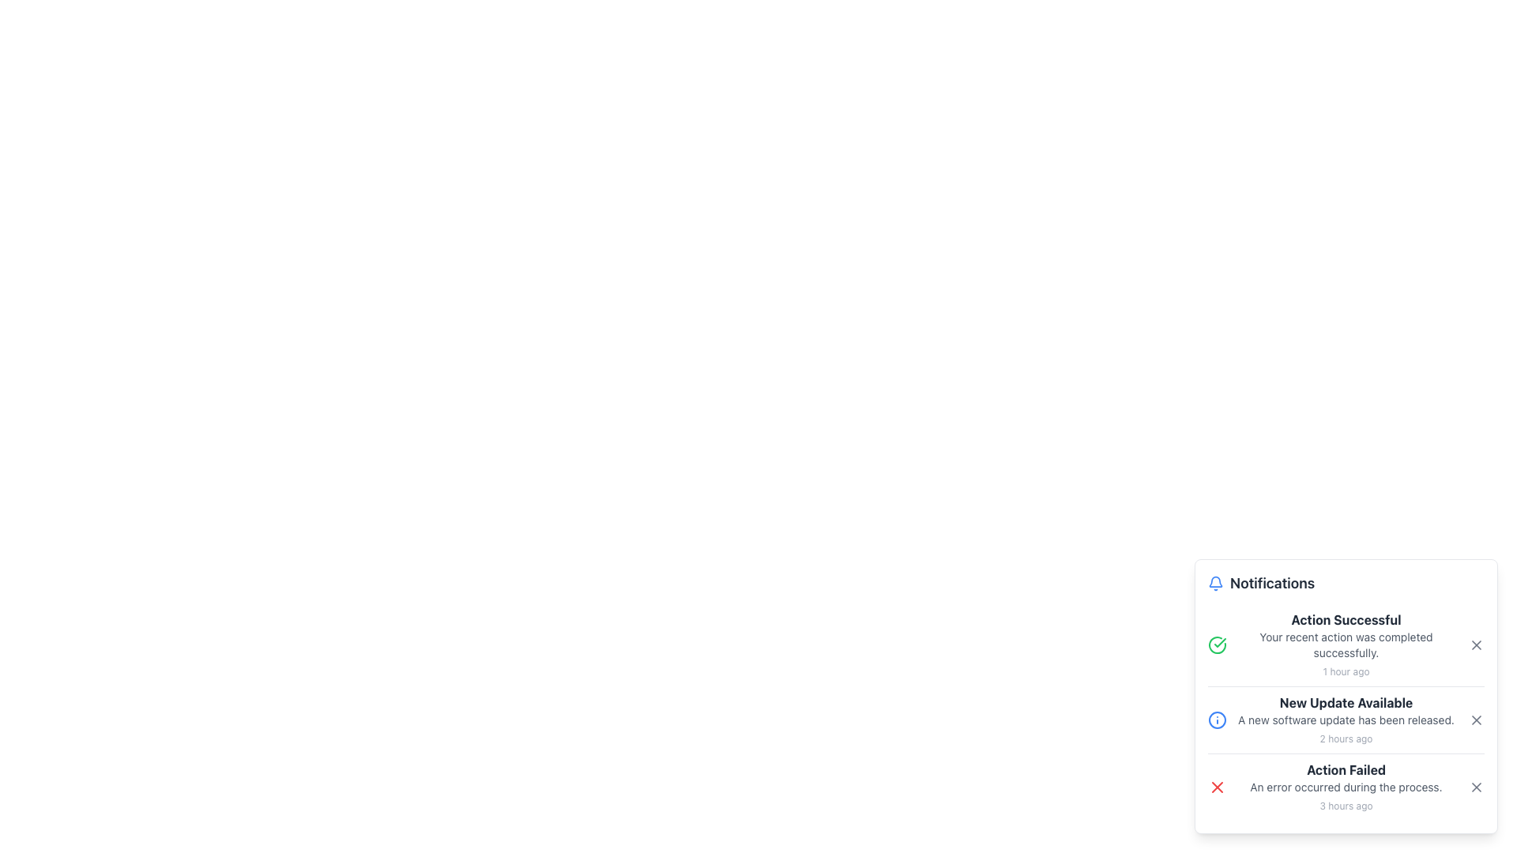  I want to click on the dismiss button located in the third notification row of the 'Notifications' panel, which is positioned to the far right next to the text '3 hours ago', so click(1475, 787).